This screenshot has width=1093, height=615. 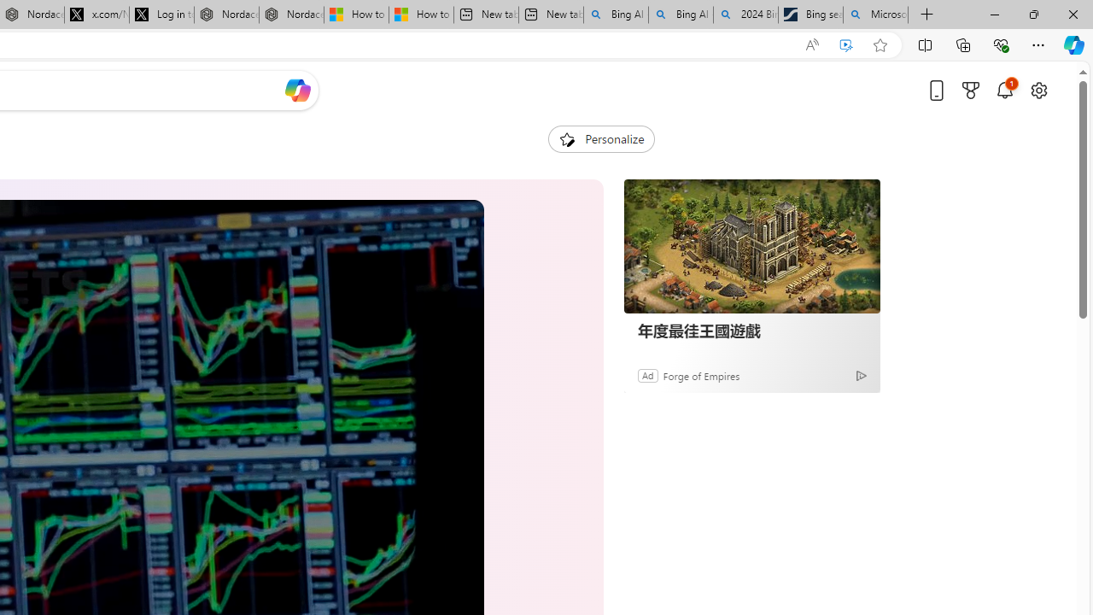 I want to click on 'Notifications', so click(x=1004, y=90).